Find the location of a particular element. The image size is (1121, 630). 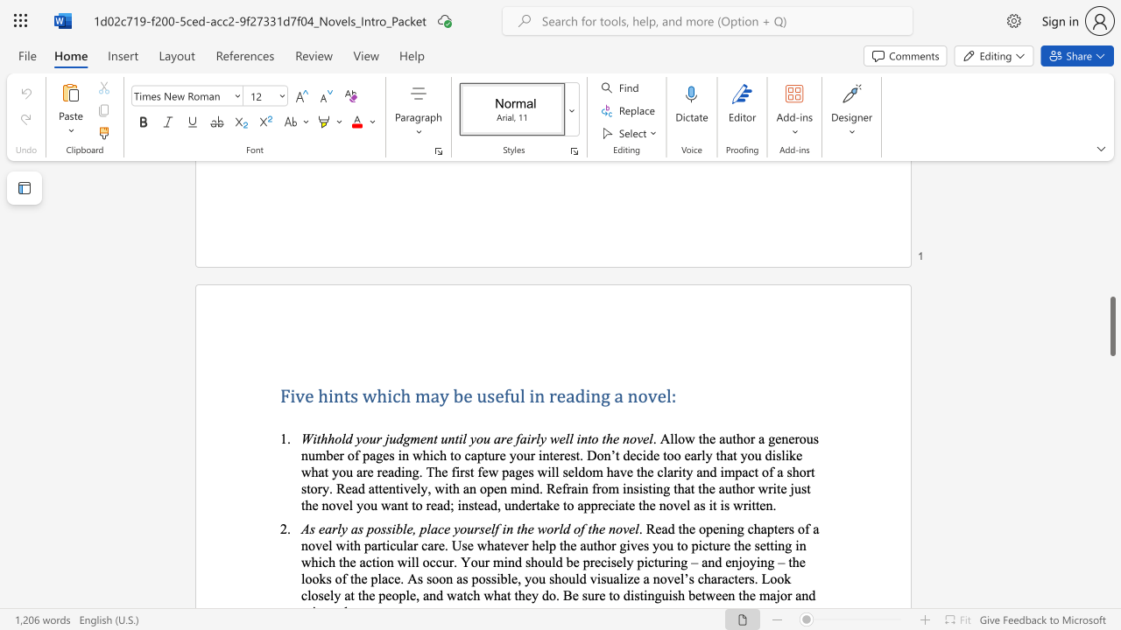

the subset text ". Read attentively, with an open mind. Refrain from insisting that the author write ju" within the text ". Allow the author a generous number of pages in which to capture your interest. Don’t decide too early that you dislike what you are reading. The first few pages will seldom have the clarity and impact of a short story. Read attentively, with an open mind. Refrain from insisting that the author write just the novel you want to read; instead, undertake to appreciate the novel as it is written." is located at coordinates (329, 488).